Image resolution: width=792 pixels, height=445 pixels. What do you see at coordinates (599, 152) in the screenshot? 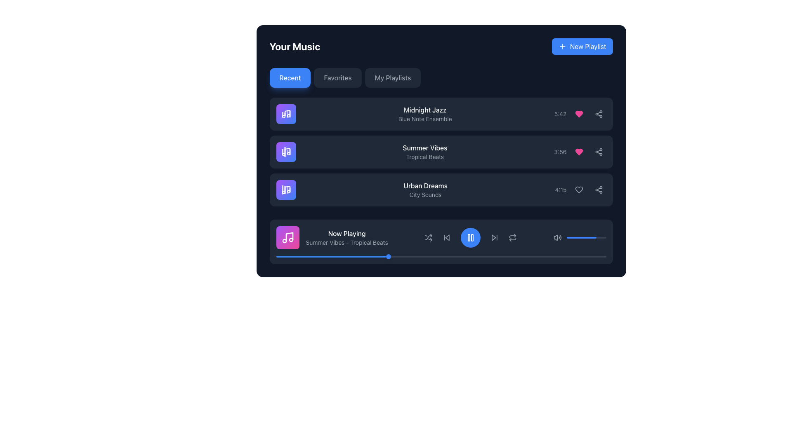
I see `the 'Share' button located at the far right end of the row for the item titled 'Urban Dreams' under the 'Your Music' heading to share the item` at bounding box center [599, 152].